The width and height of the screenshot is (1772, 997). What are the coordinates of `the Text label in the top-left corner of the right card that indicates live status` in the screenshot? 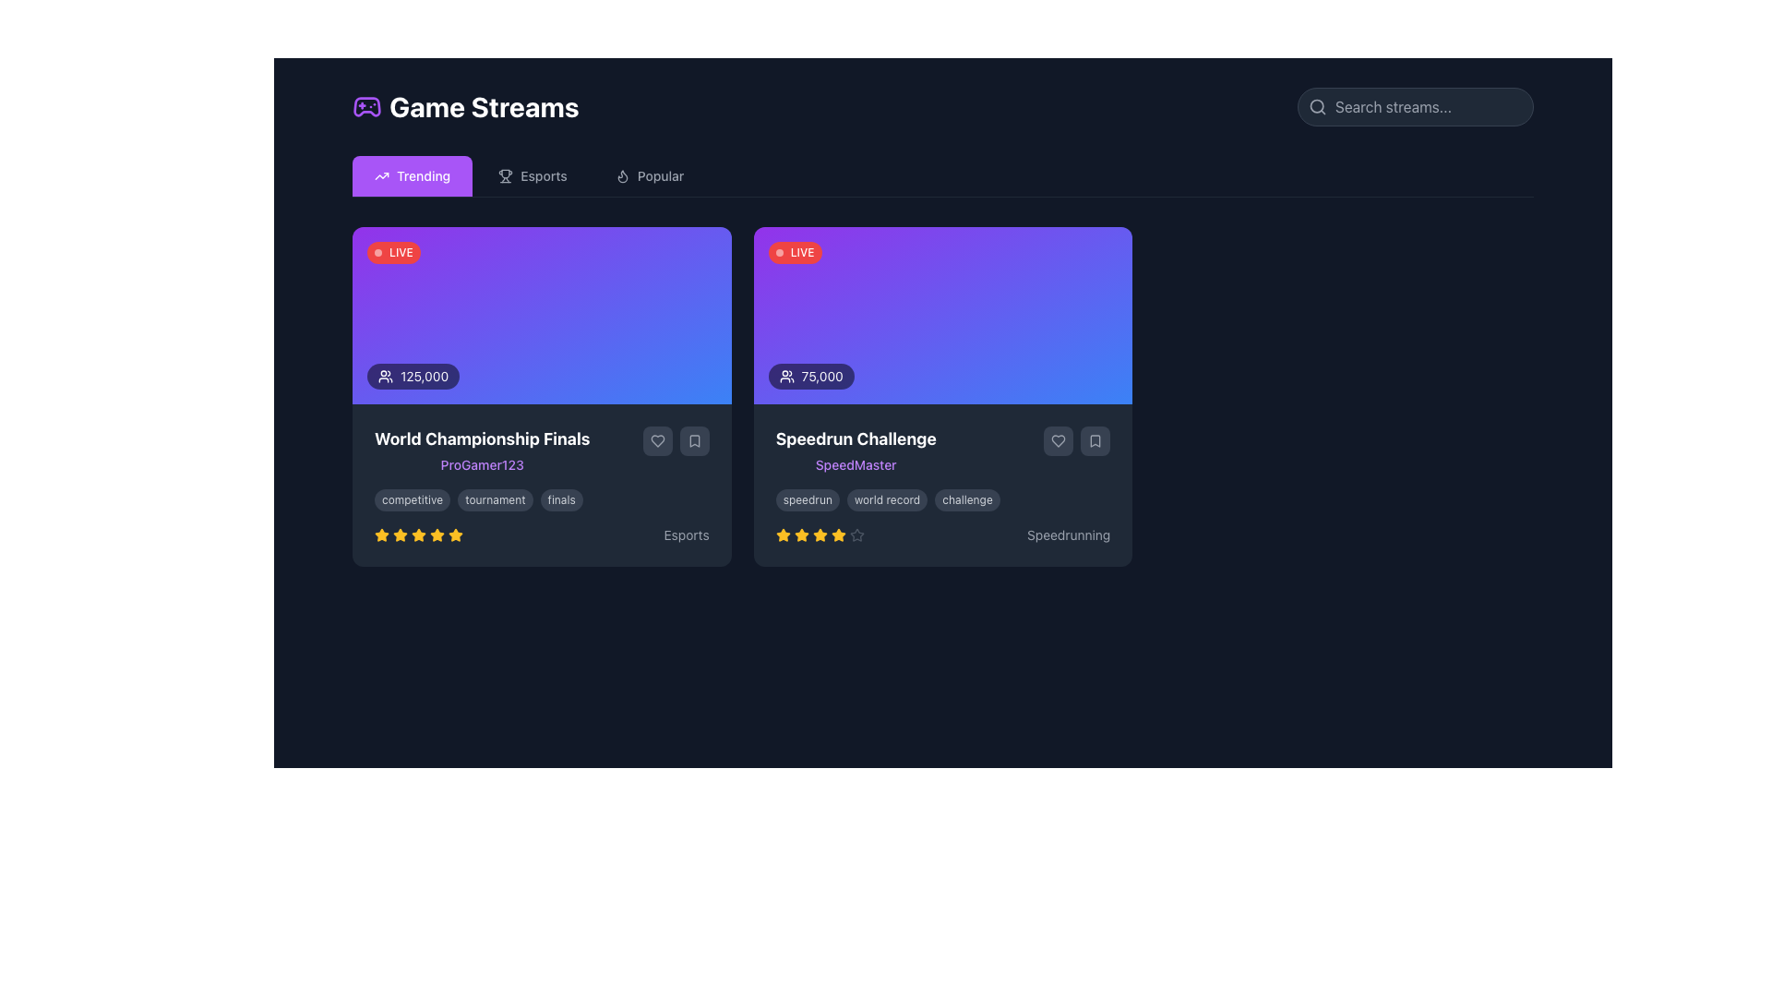 It's located at (802, 252).